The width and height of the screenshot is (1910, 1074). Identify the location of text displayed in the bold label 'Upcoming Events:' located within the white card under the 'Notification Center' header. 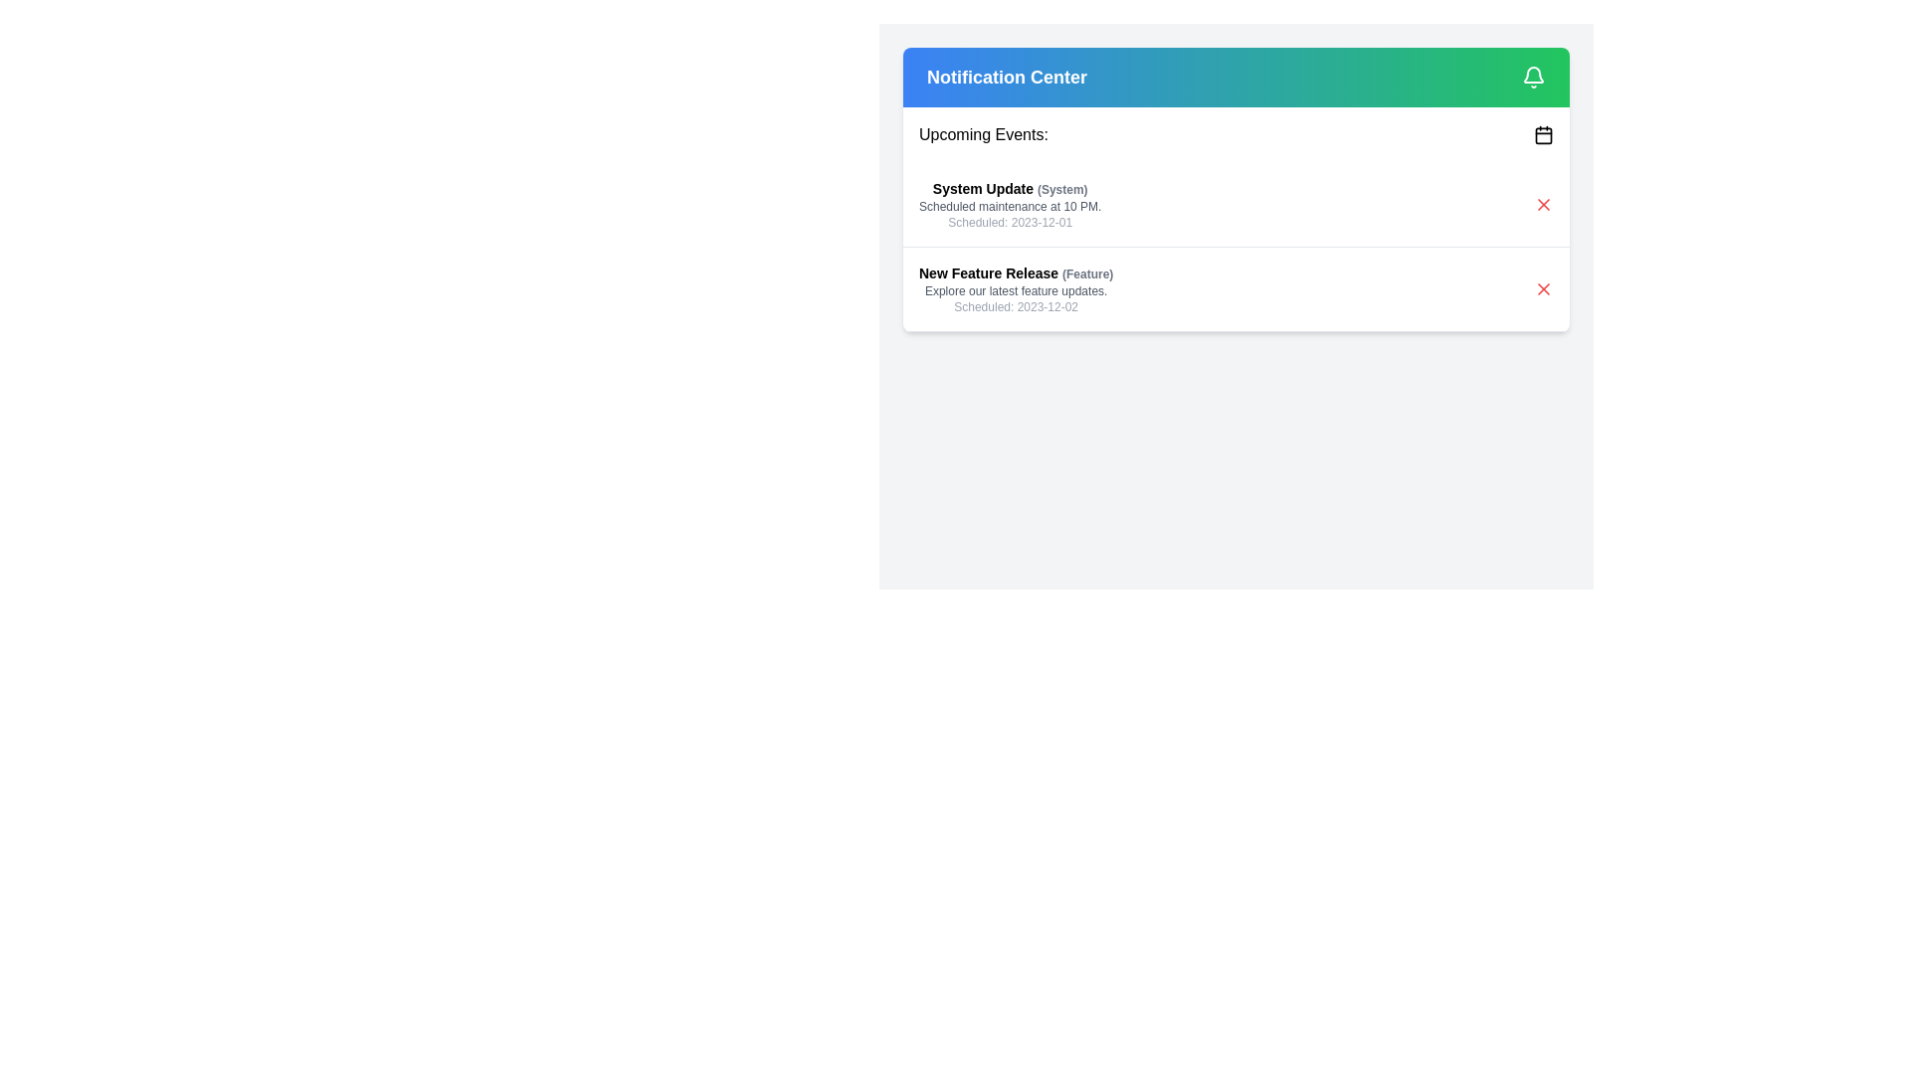
(983, 134).